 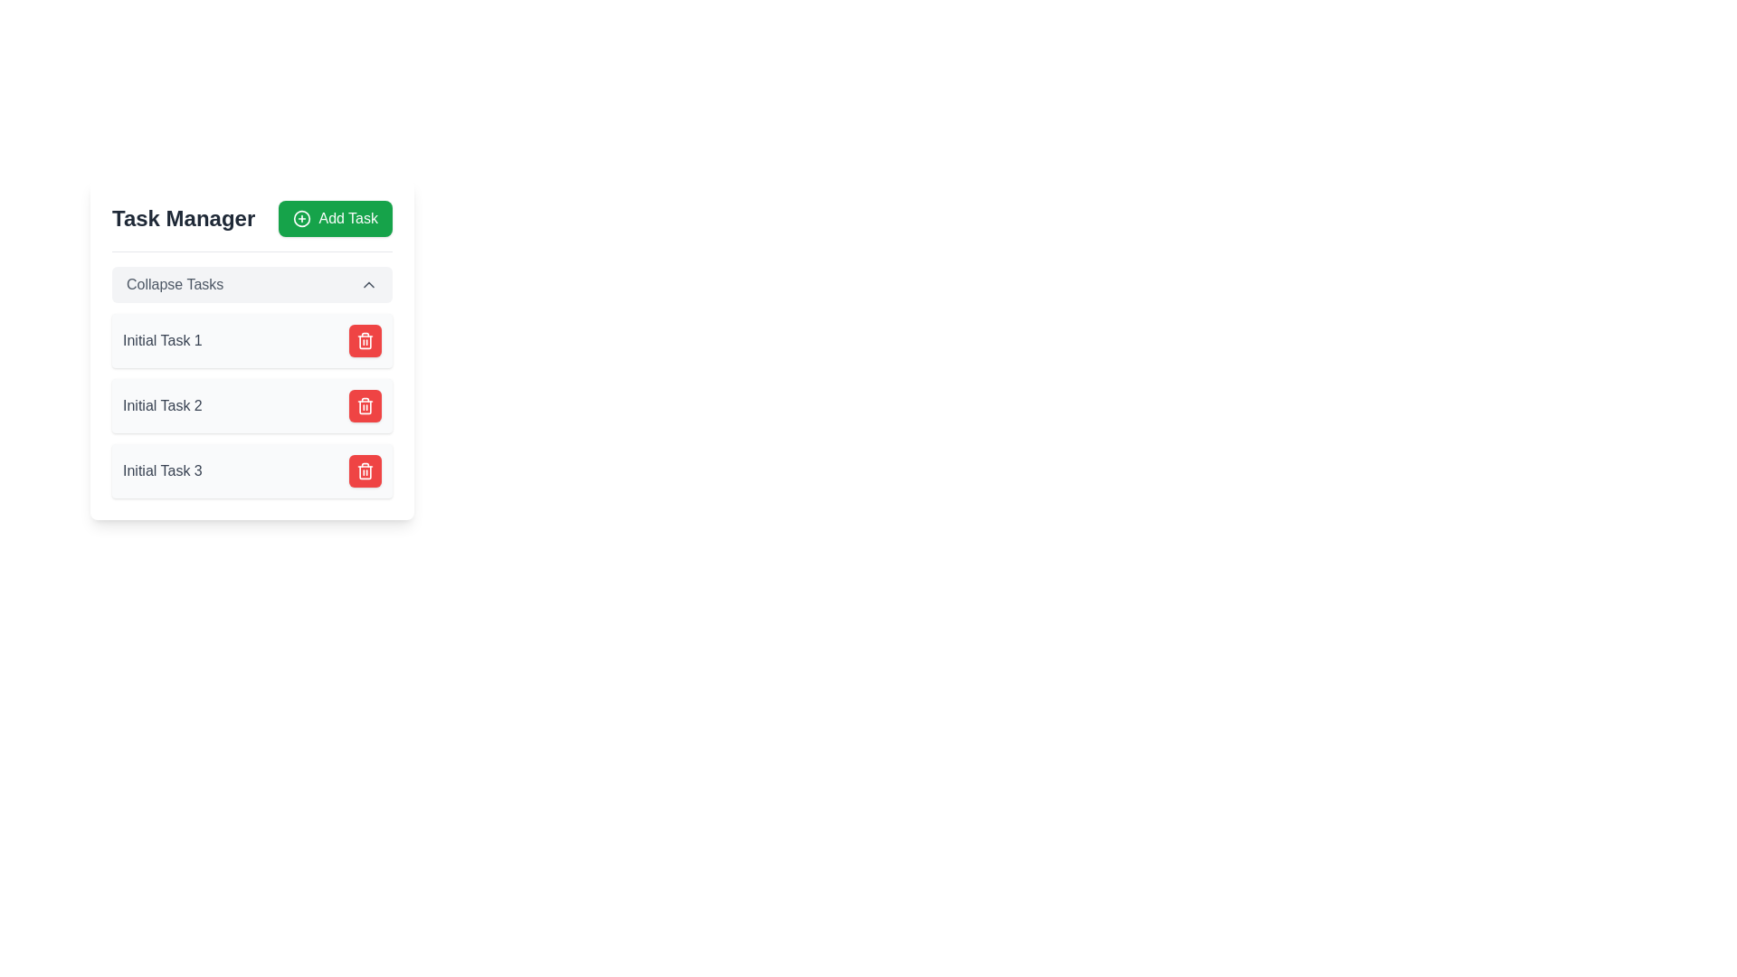 What do you see at coordinates (162, 470) in the screenshot?
I see `the static text label displaying 'Initial Task 3', which is the third item in the task list of the 'Task Manager' panel` at bounding box center [162, 470].